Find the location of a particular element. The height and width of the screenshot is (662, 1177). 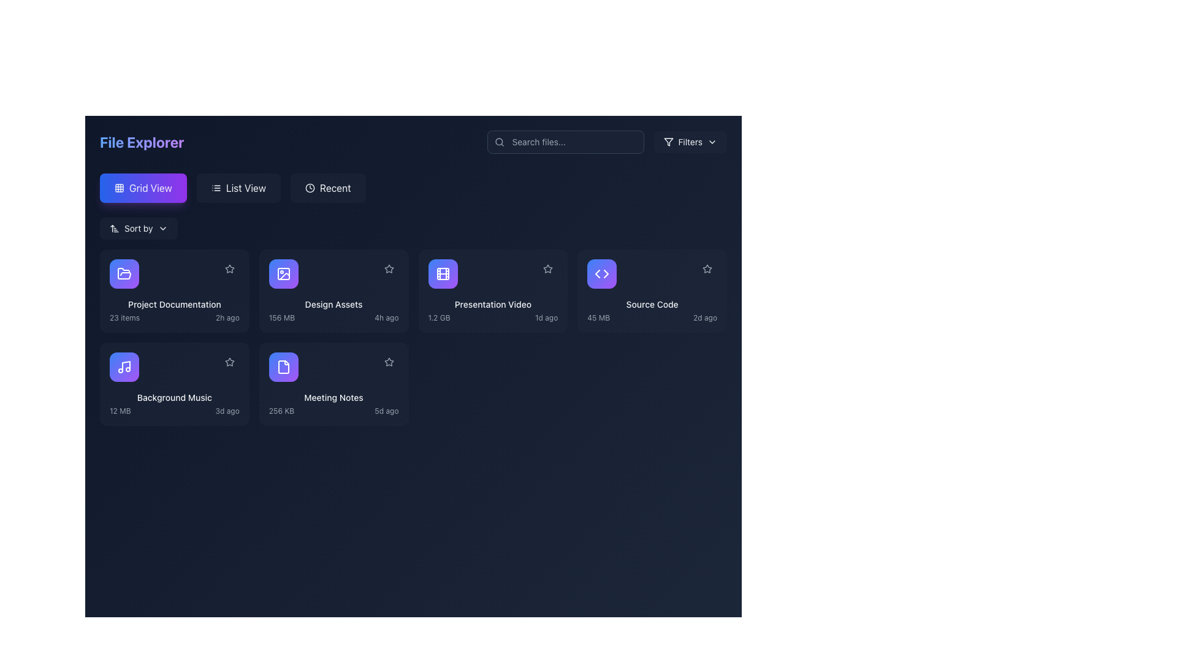

the fourth interactive card is located at coordinates (652, 291).